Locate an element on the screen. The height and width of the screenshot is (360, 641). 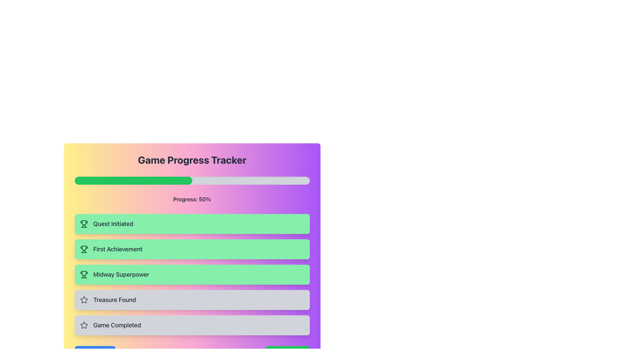
the trophy icon located in the 'First Achievement' card within the 'Game Progress Tracker' interface is located at coordinates (83, 249).